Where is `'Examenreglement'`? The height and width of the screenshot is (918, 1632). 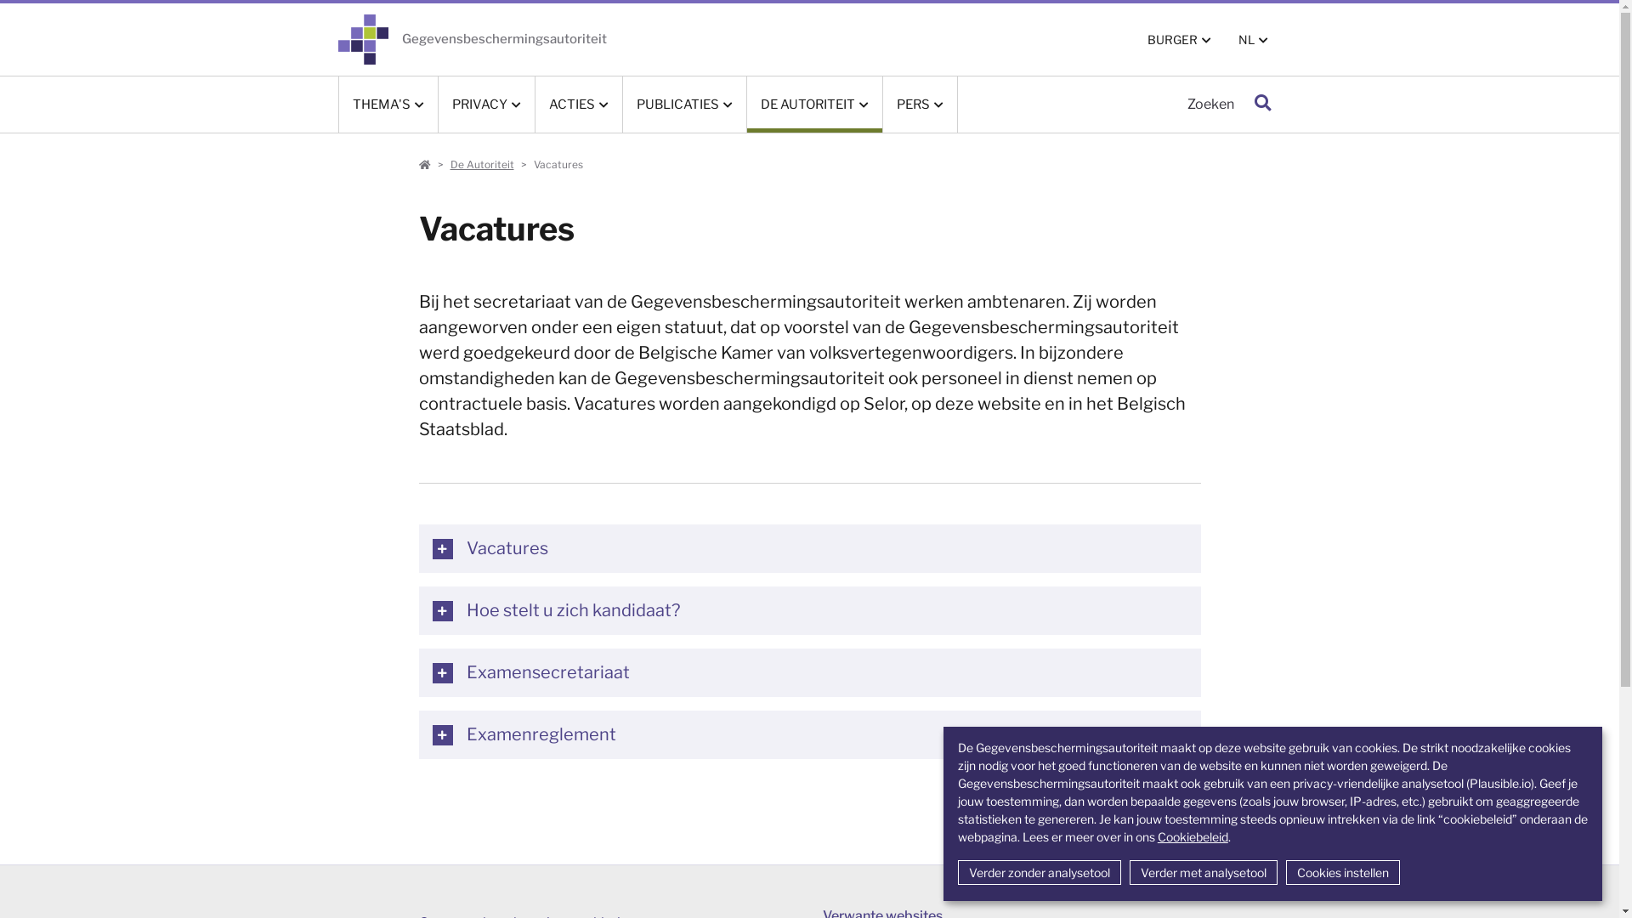 'Examenreglement' is located at coordinates (807, 734).